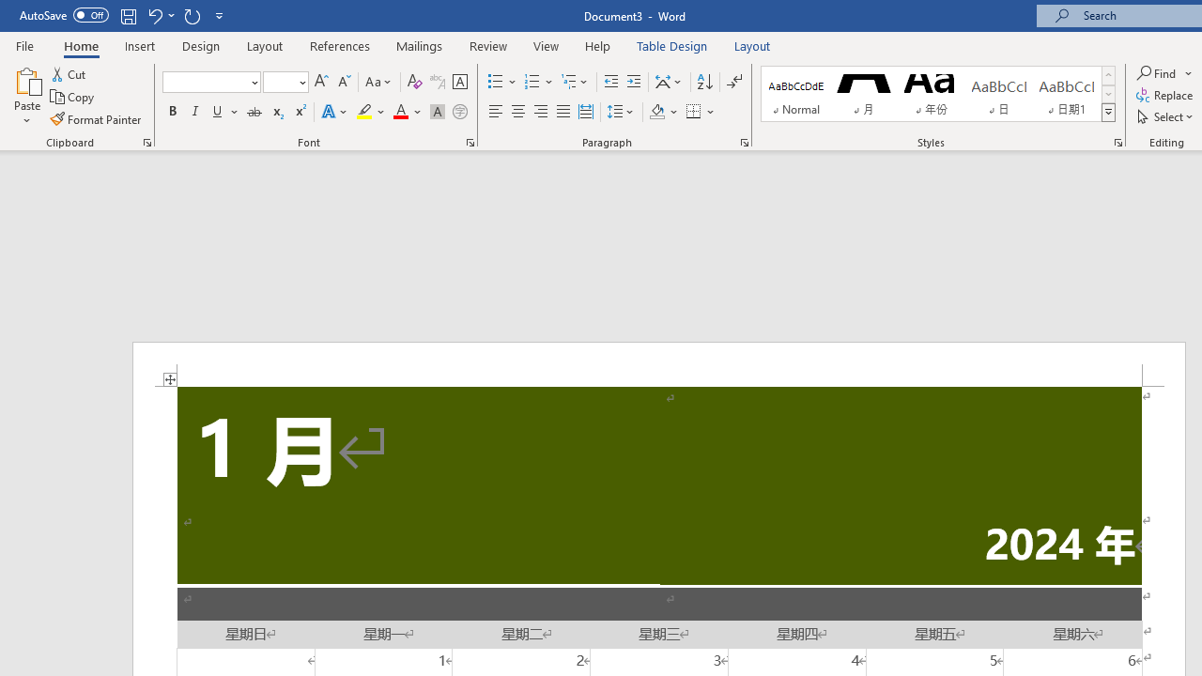  Describe the element at coordinates (733, 81) in the screenshot. I see `'Show/Hide Editing Marks'` at that location.